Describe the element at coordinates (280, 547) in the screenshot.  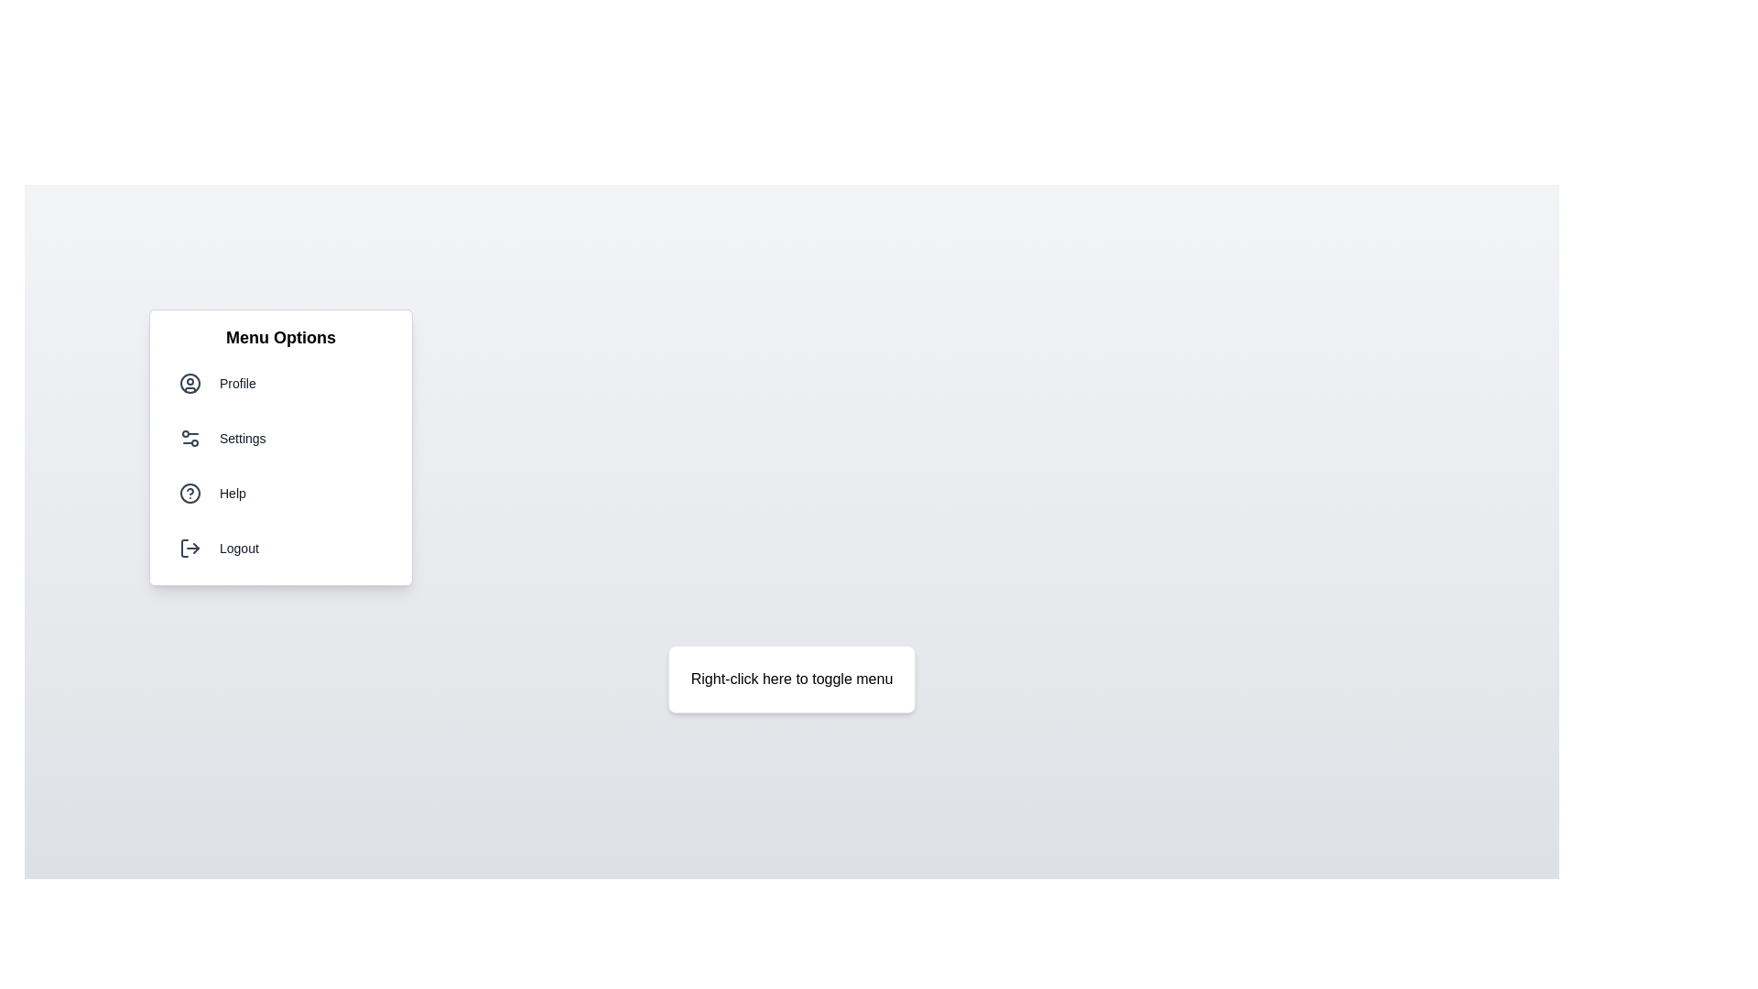
I see `the menu option Logout from the menu` at that location.